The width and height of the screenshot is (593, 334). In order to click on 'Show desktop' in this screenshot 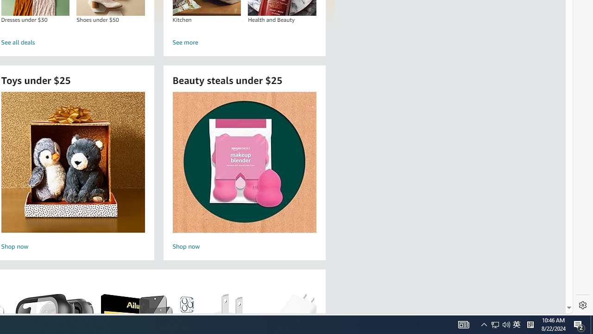, I will do `click(591, 324)`.